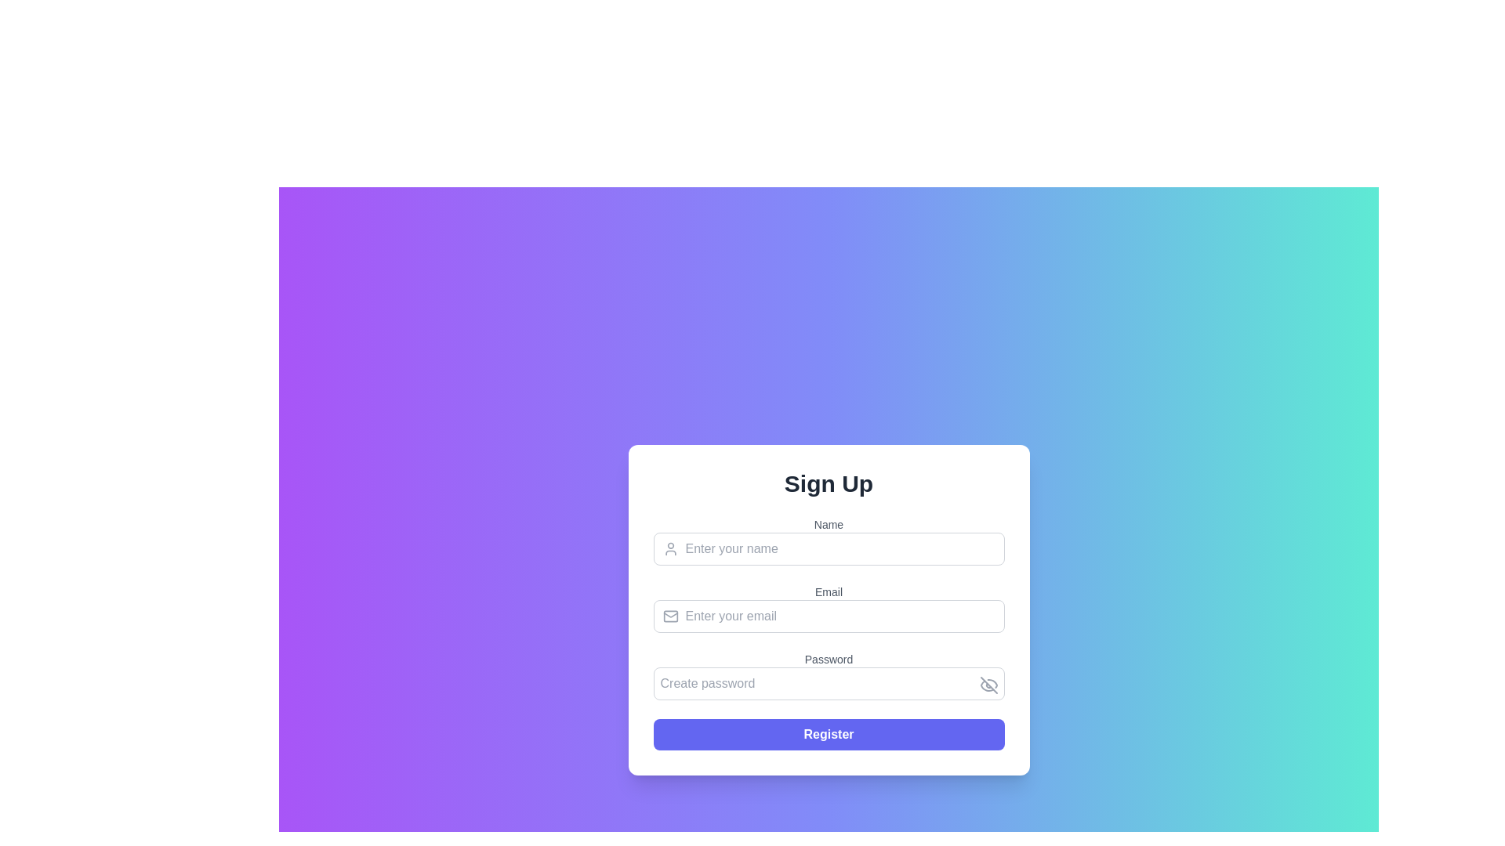  I want to click on the Text label that describes the 'Enter your name' input field in the 'Sign Up' form section, so click(828, 525).